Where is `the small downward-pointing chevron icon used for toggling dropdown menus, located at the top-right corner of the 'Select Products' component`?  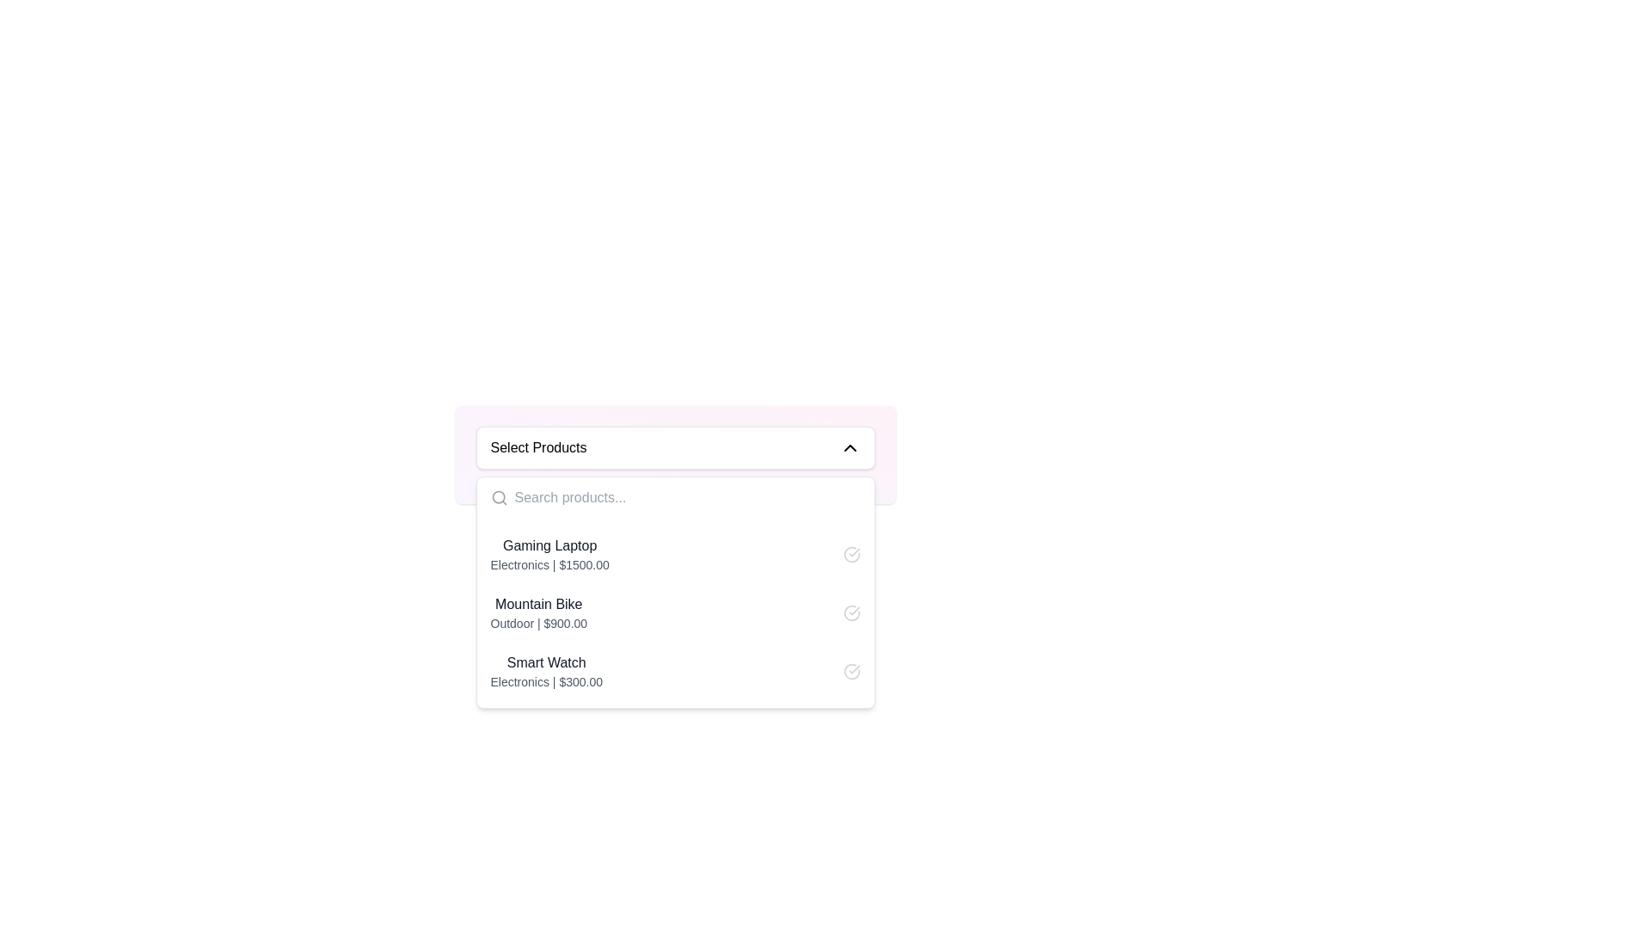
the small downward-pointing chevron icon used for toggling dropdown menus, located at the top-right corner of the 'Select Products' component is located at coordinates (850, 446).